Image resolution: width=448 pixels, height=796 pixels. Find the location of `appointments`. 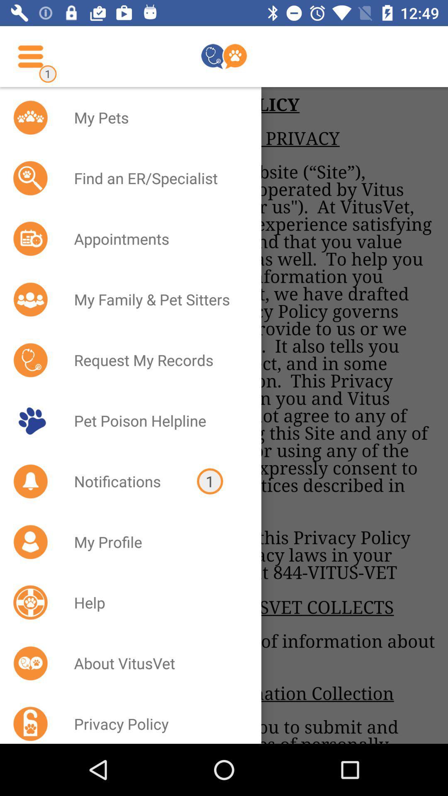

appointments is located at coordinates (157, 238).